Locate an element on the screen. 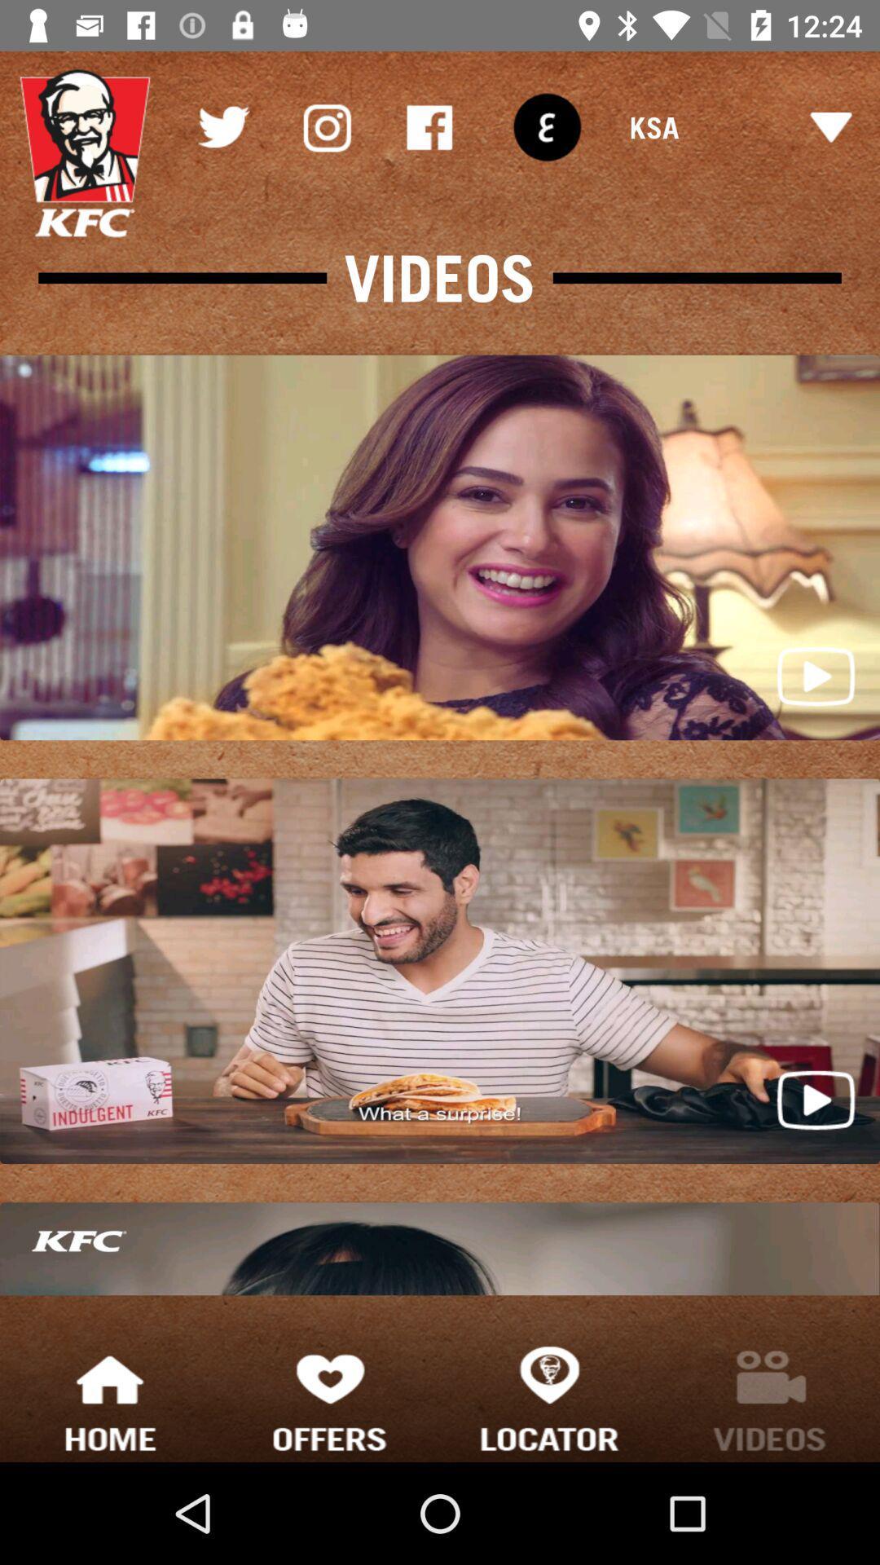  the photo icon is located at coordinates (326, 126).